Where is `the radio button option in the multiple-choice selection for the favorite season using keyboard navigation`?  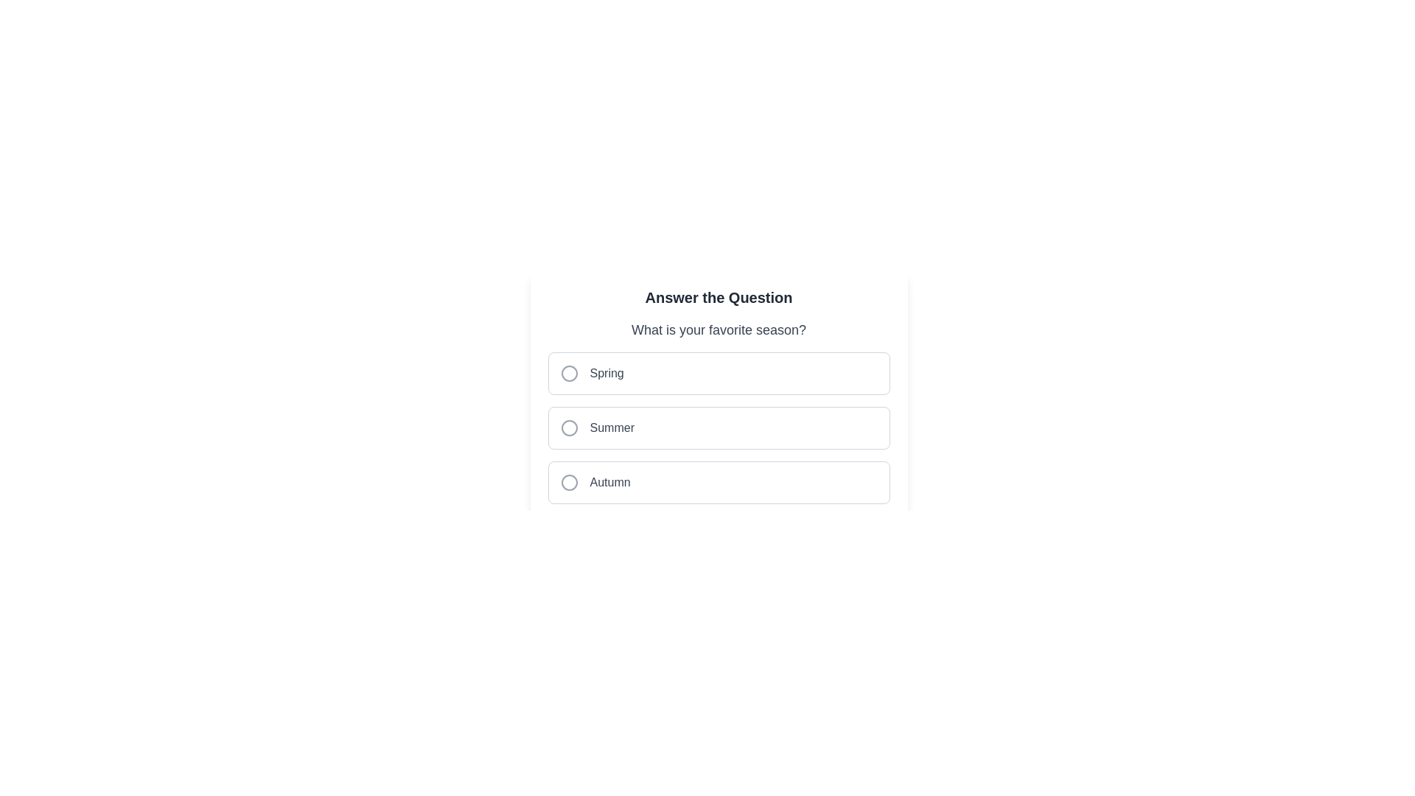
the radio button option in the multiple-choice selection for the favorite season using keyboard navigation is located at coordinates (719, 439).